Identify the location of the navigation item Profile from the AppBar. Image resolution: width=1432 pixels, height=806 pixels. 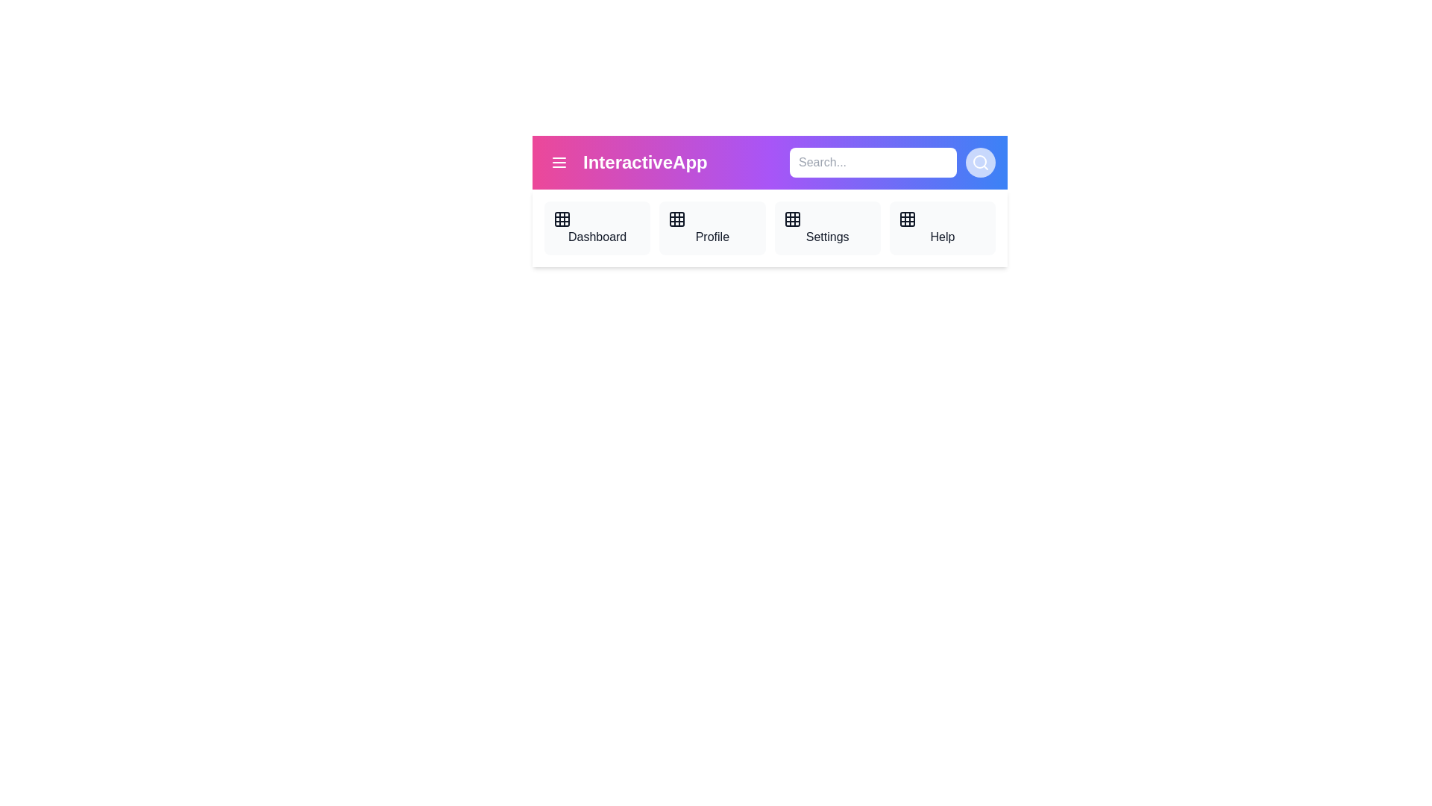
(712, 228).